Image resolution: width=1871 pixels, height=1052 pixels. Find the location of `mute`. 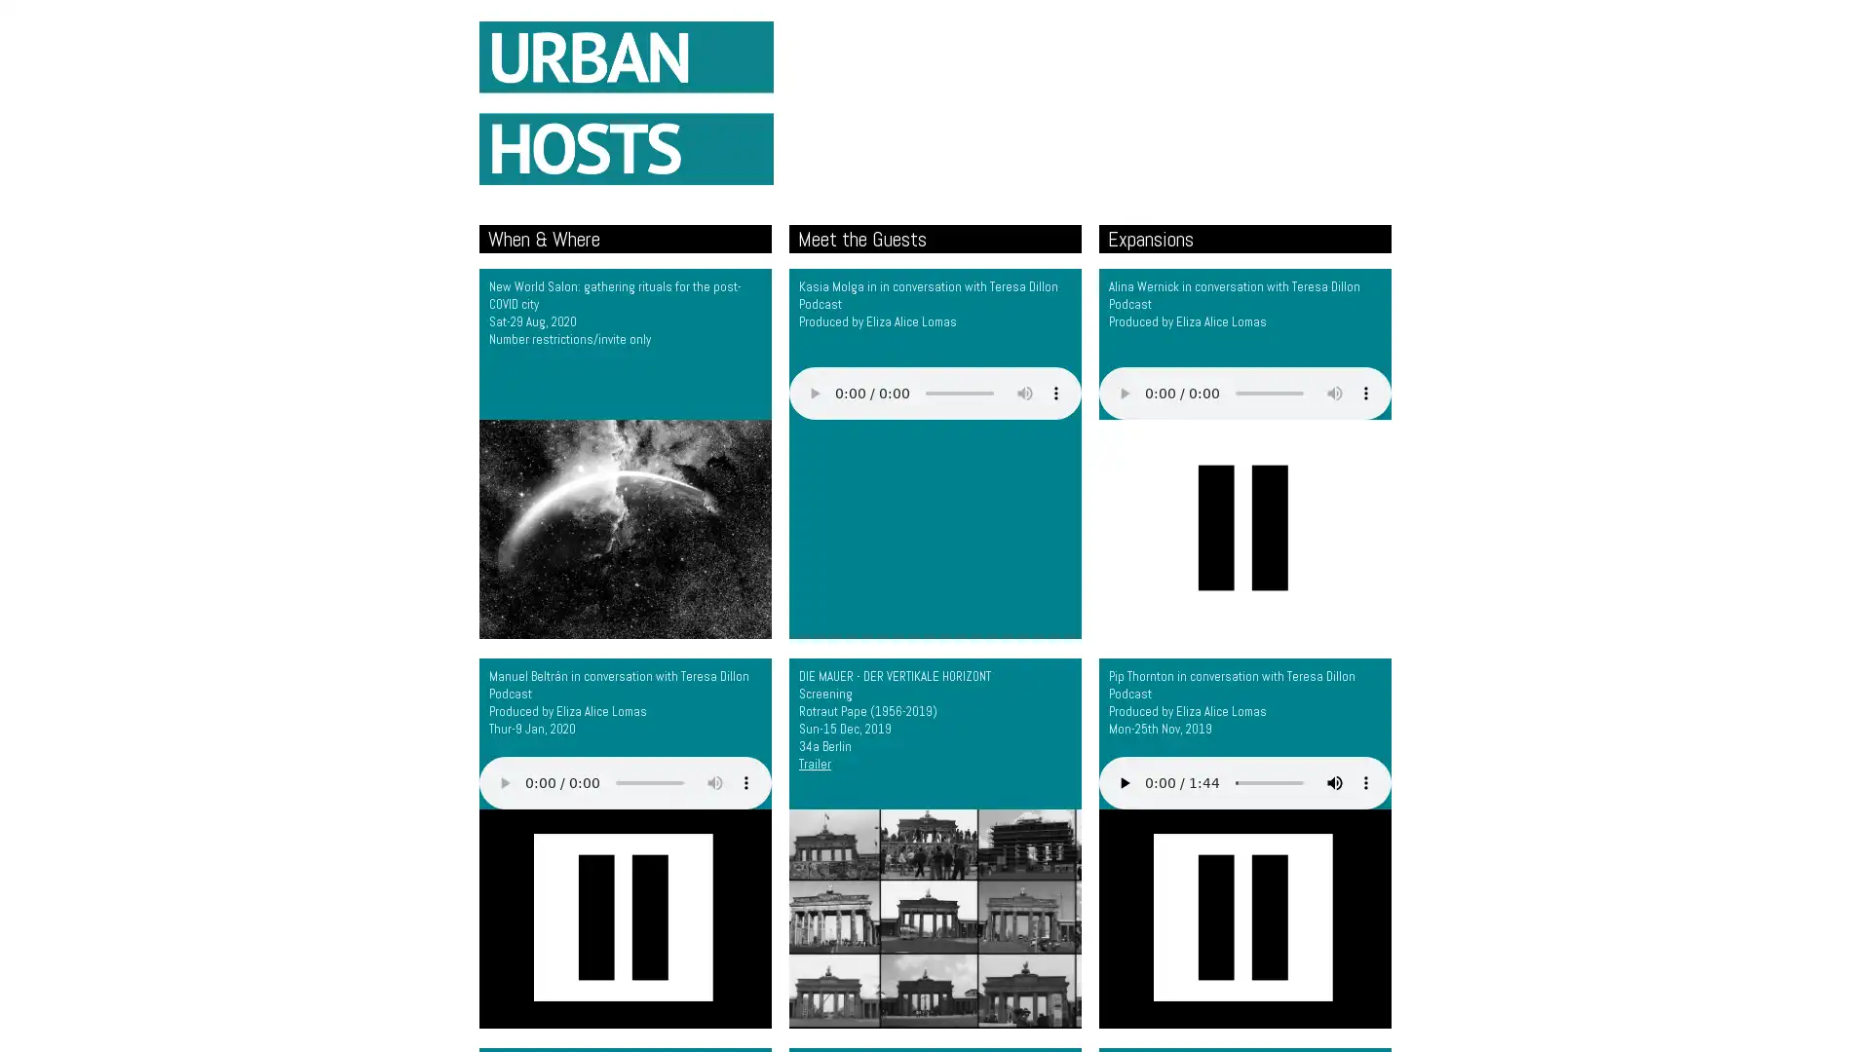

mute is located at coordinates (1023, 394).